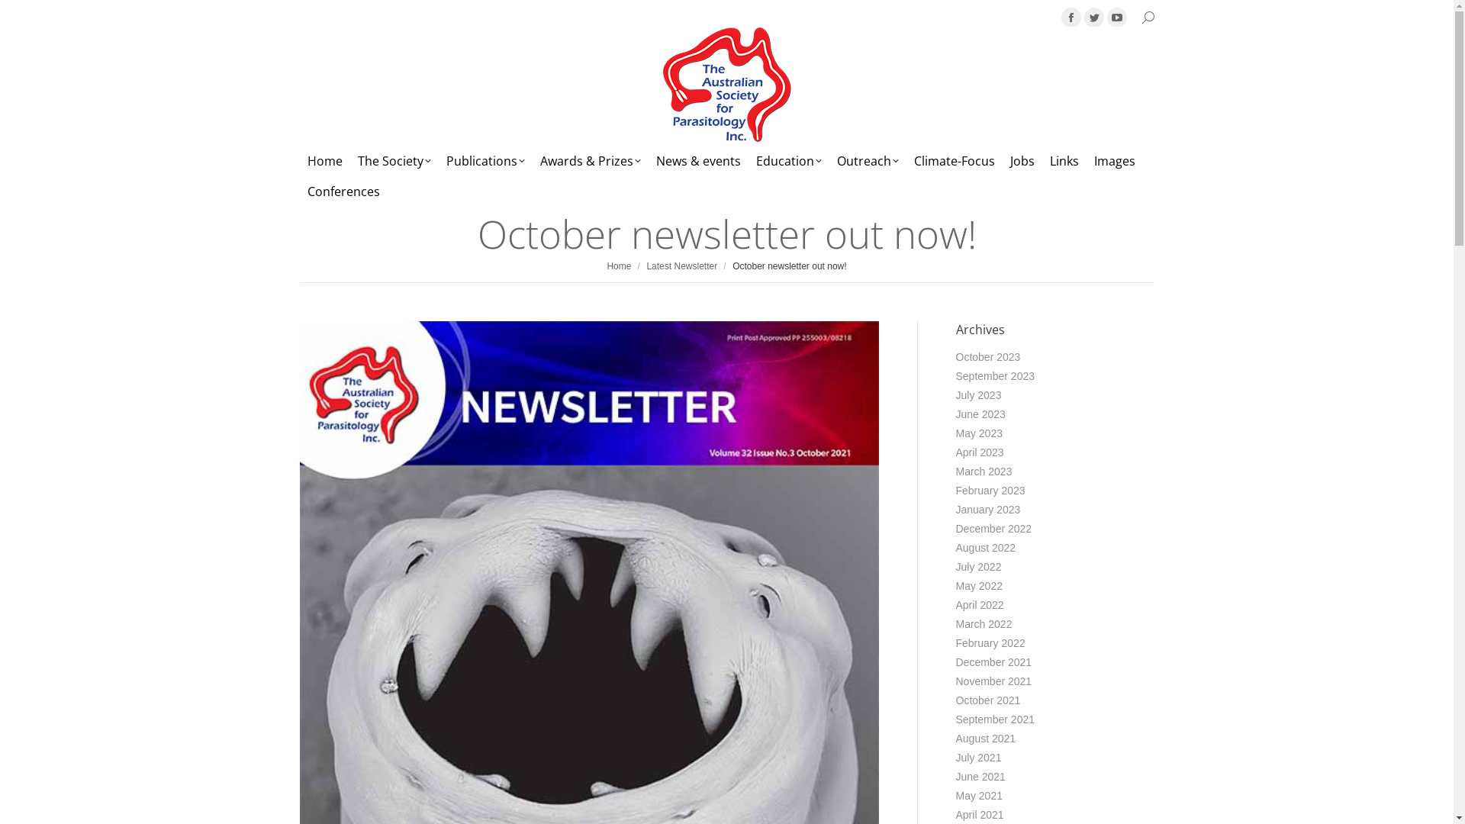  What do you see at coordinates (955, 719) in the screenshot?
I see `'September 2021'` at bounding box center [955, 719].